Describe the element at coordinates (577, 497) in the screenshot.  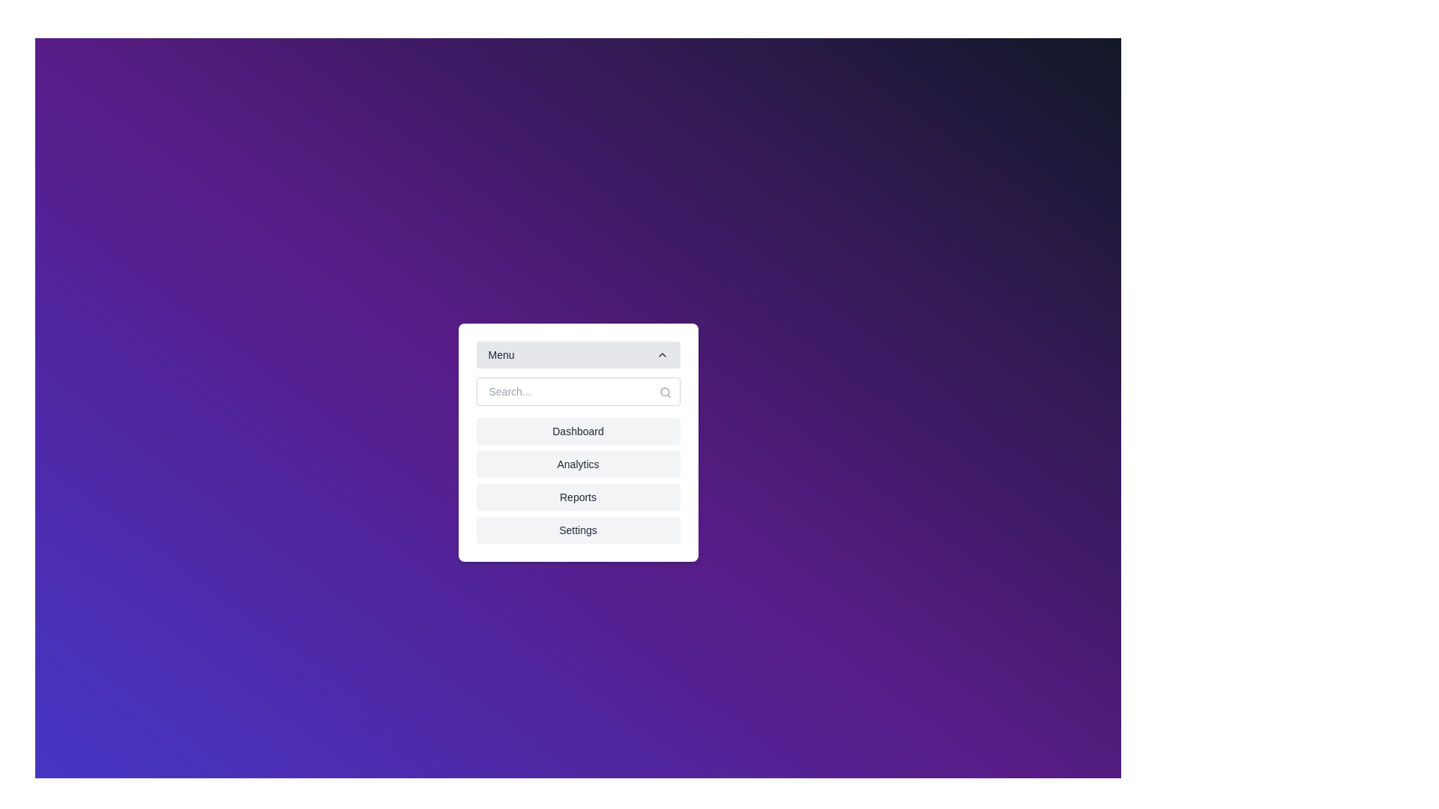
I see `the Reports menu option to select it` at that location.